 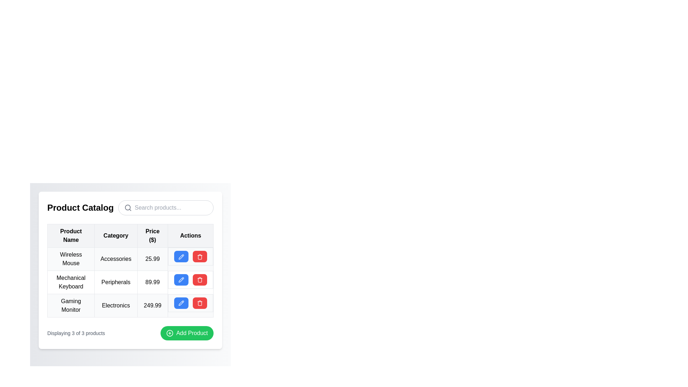 I want to click on the first row of the tabular data that displays 'Wireless Mouse' under 'Product Name', 'Accessories' under 'Category', and '25.99' under 'Price ($)', so click(x=130, y=259).